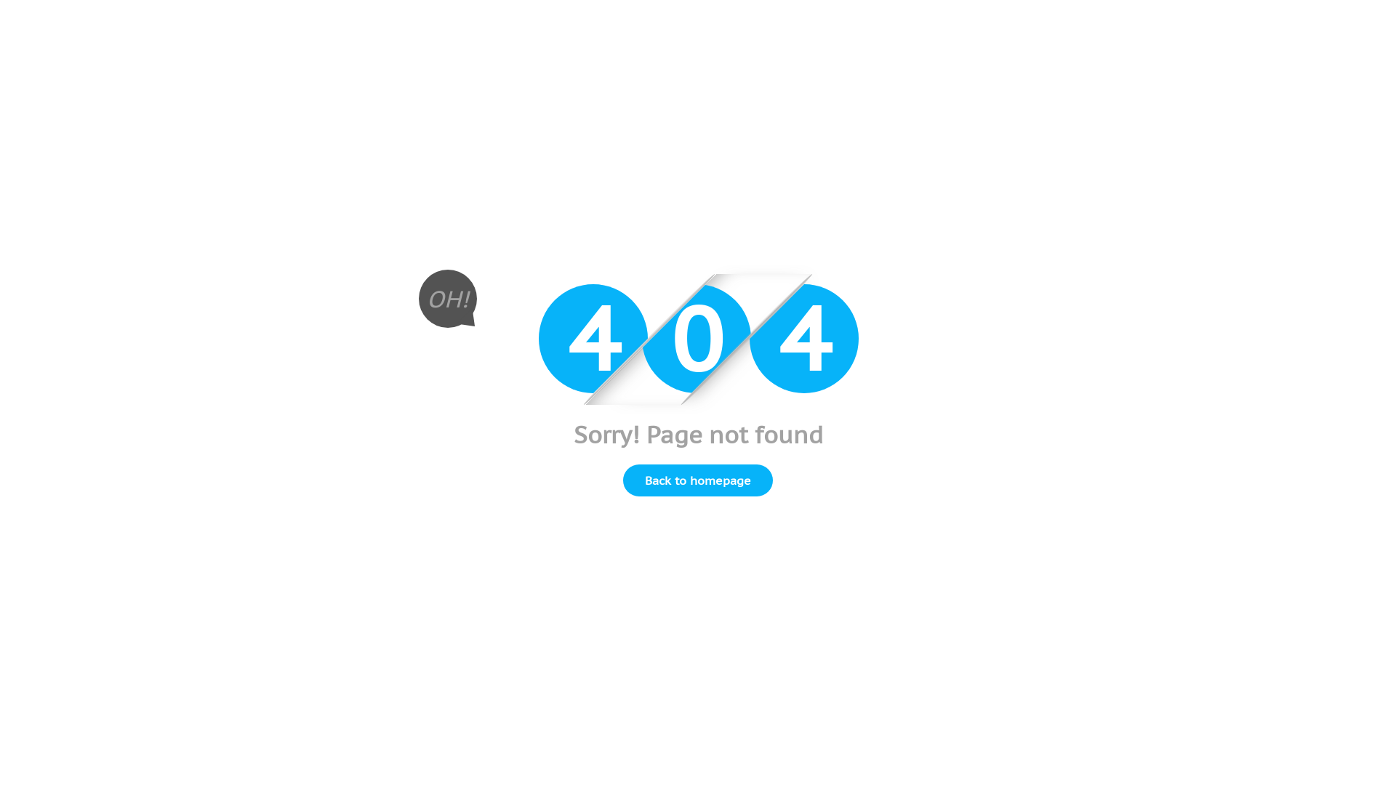 The image size is (1396, 785). What do you see at coordinates (698, 480) in the screenshot?
I see `'Back to homepage'` at bounding box center [698, 480].